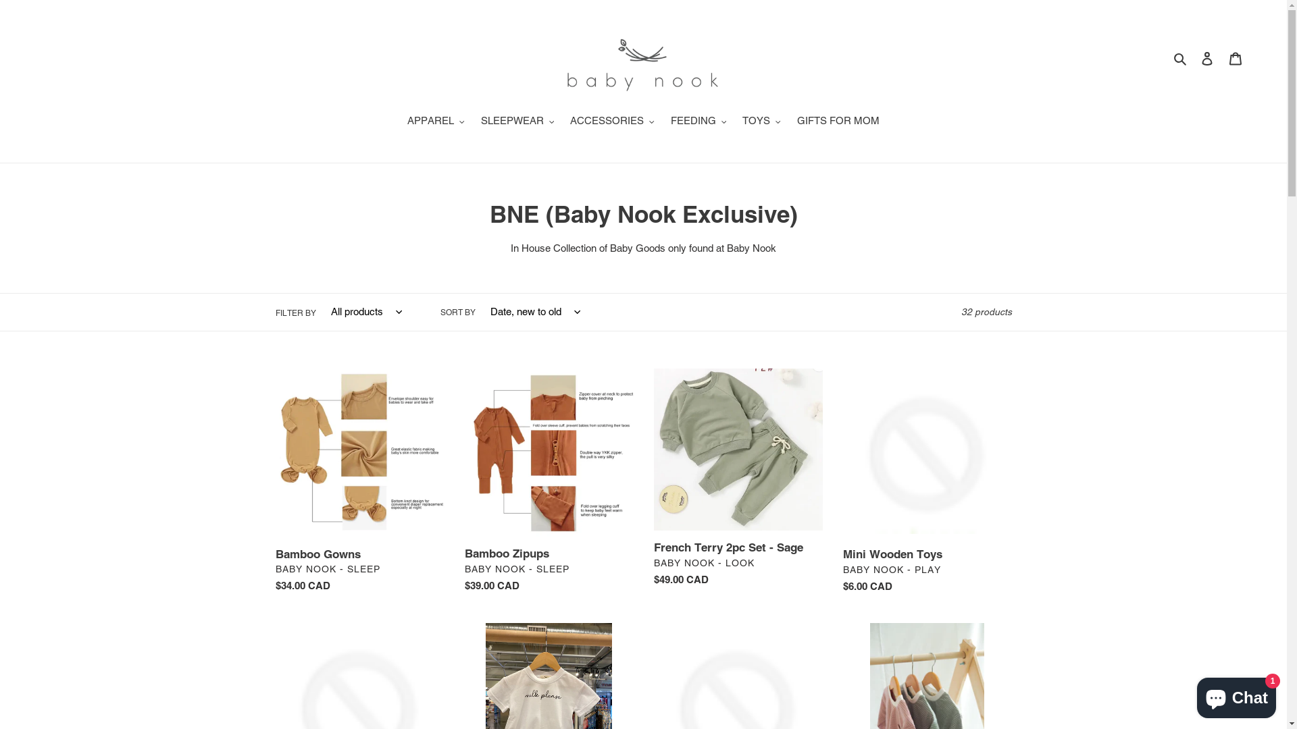 This screenshot has width=1297, height=729. Describe the element at coordinates (359, 483) in the screenshot. I see `'Bamboo Gowns'` at that location.